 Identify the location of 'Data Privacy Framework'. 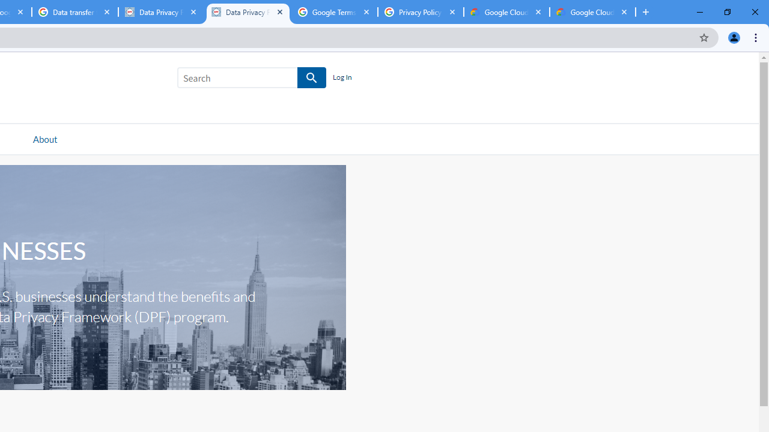
(160, 12).